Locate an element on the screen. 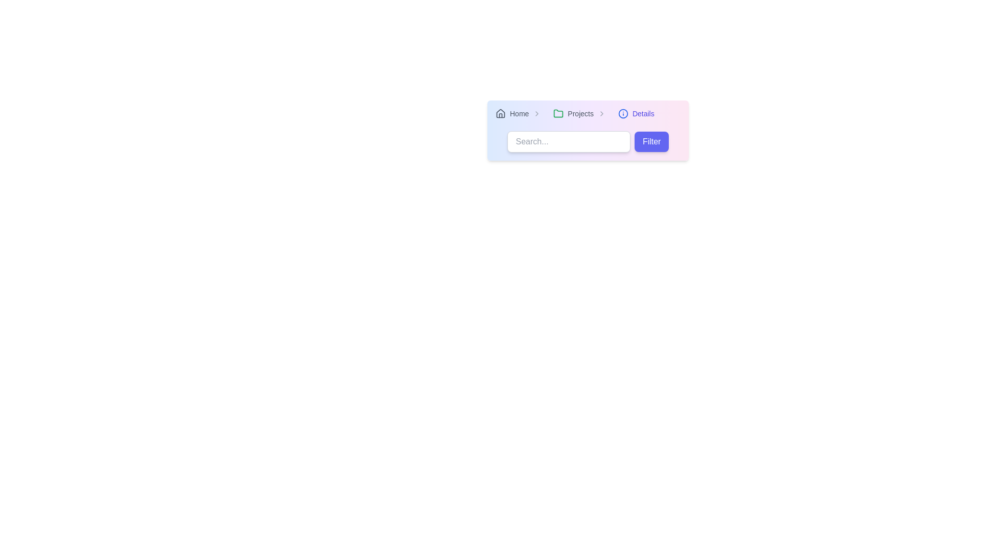 This screenshot has width=981, height=551. the circular icon with a blue outer border, which is part of the info notification symbol located in the top-right section of the navigation bar is located at coordinates (622, 114).